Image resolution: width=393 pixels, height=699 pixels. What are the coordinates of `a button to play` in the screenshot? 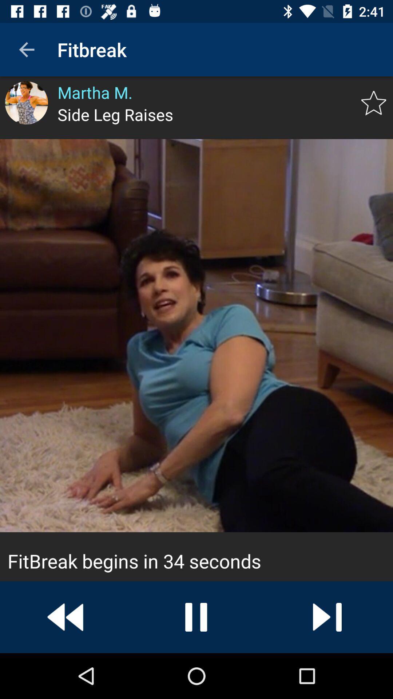 It's located at (327, 617).